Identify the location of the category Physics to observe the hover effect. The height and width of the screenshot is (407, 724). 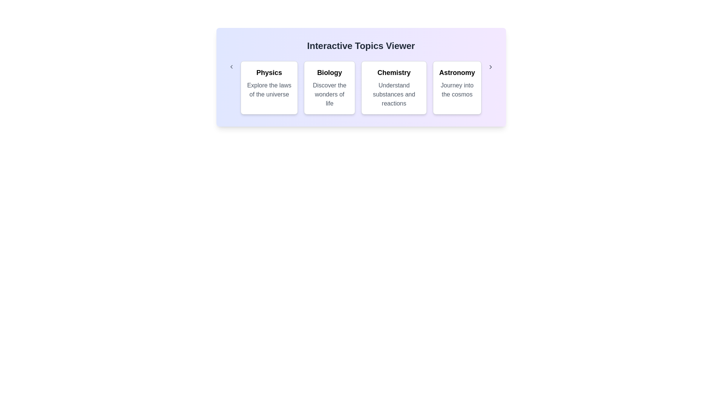
(269, 87).